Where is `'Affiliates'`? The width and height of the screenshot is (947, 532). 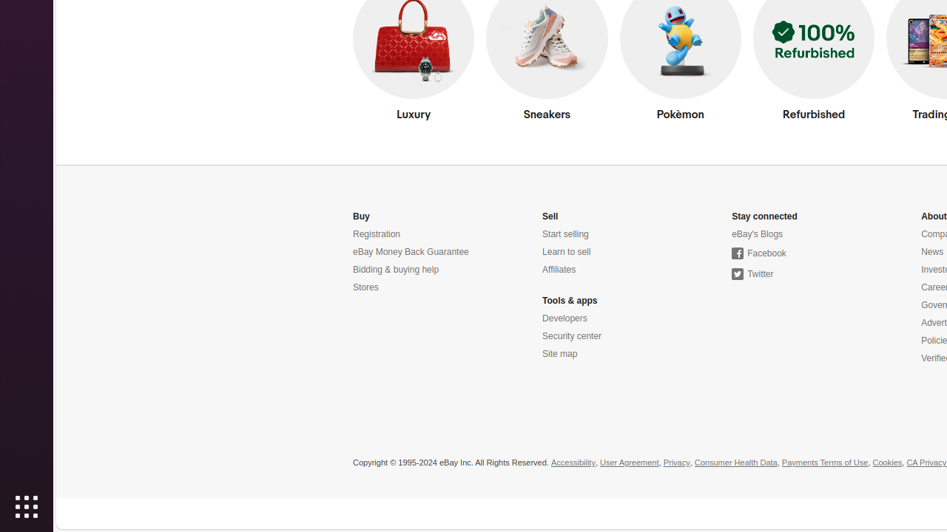
'Affiliates' is located at coordinates (558, 270).